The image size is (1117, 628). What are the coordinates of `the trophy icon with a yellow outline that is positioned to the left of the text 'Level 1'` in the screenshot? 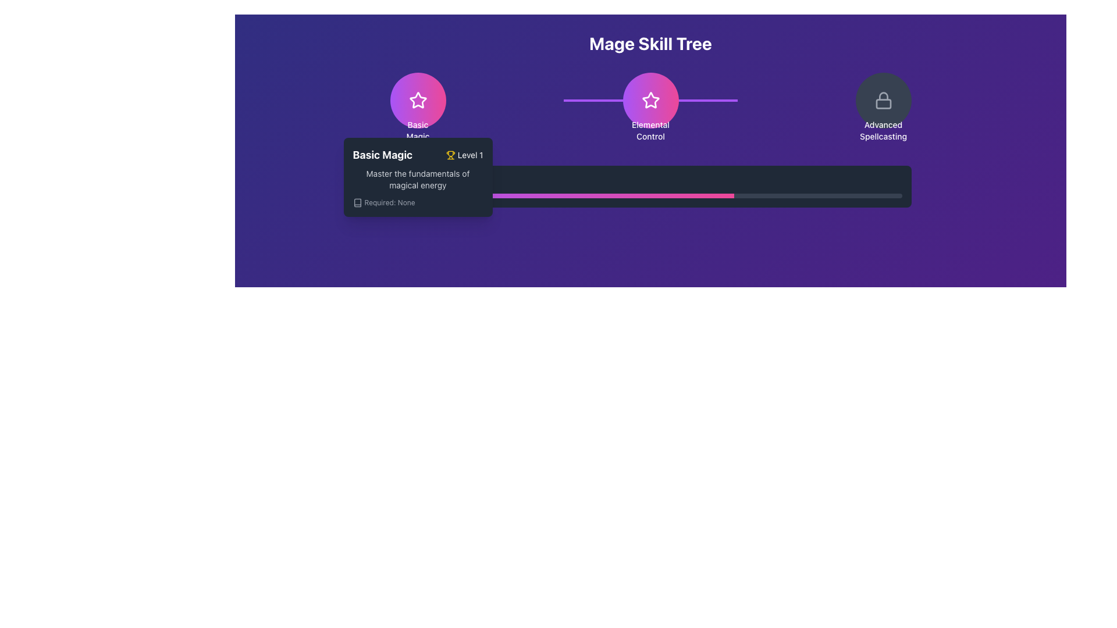 It's located at (450, 154).